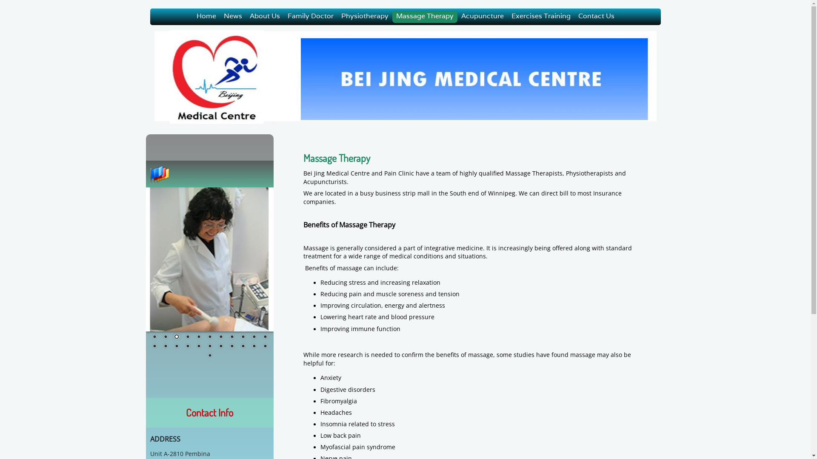  I want to click on '20', so click(243, 347).